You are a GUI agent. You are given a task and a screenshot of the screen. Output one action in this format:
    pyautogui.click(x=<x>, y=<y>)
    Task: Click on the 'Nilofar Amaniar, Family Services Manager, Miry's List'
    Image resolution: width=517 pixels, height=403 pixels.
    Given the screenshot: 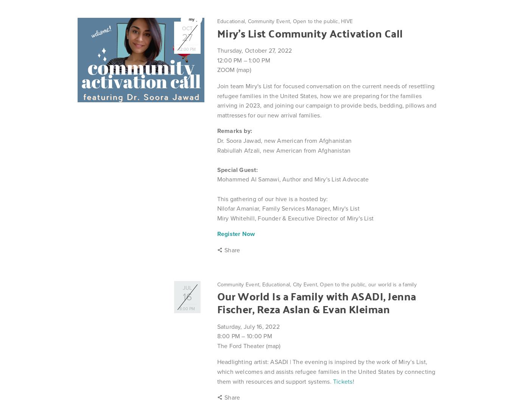 What is the action you would take?
    pyautogui.click(x=288, y=208)
    